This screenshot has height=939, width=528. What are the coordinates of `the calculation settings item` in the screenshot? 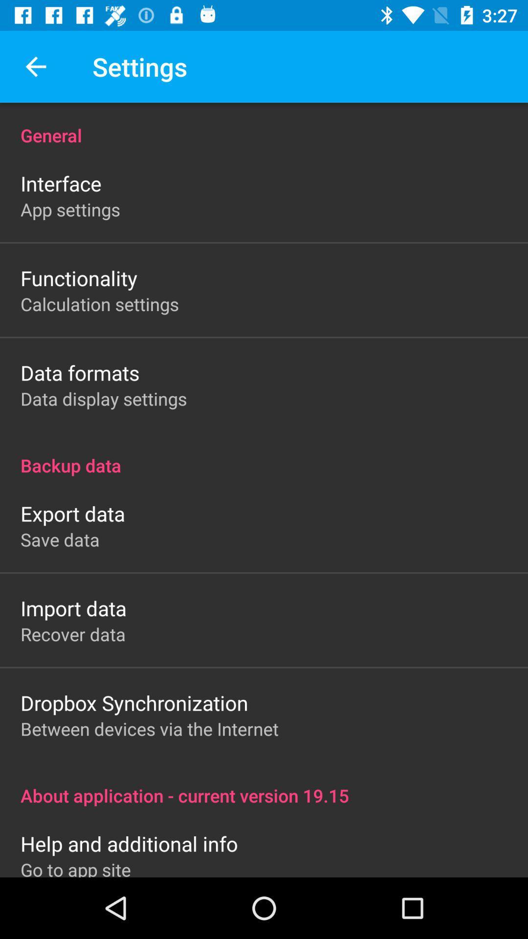 It's located at (100, 303).